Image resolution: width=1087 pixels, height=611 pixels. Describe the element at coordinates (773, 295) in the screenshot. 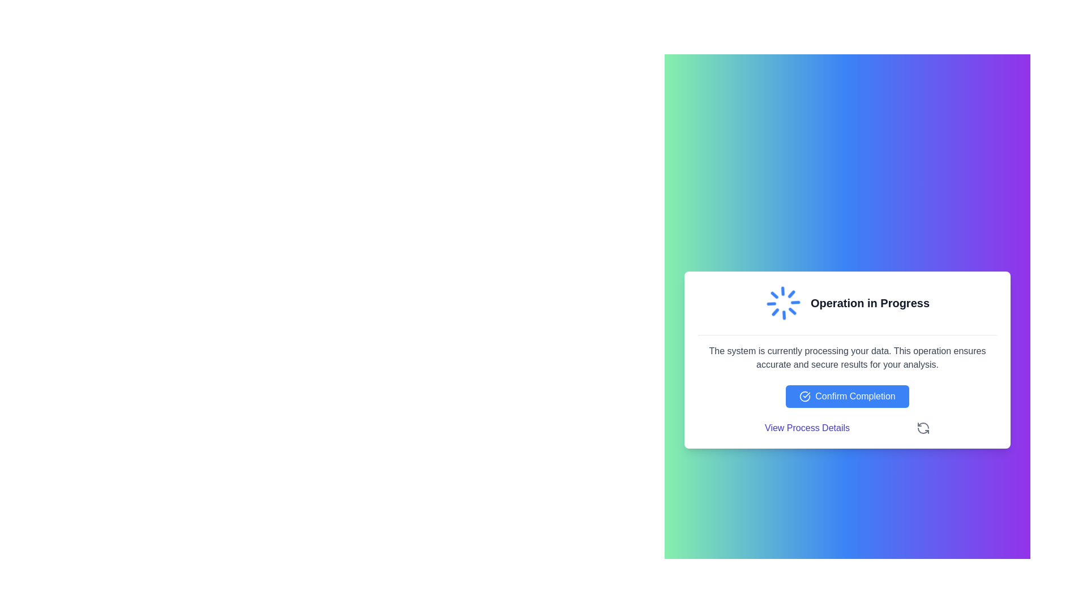

I see `the fourth segment of the circular loader animation located in the lower-right quadrant, indicating that a background operation is ongoing` at that location.